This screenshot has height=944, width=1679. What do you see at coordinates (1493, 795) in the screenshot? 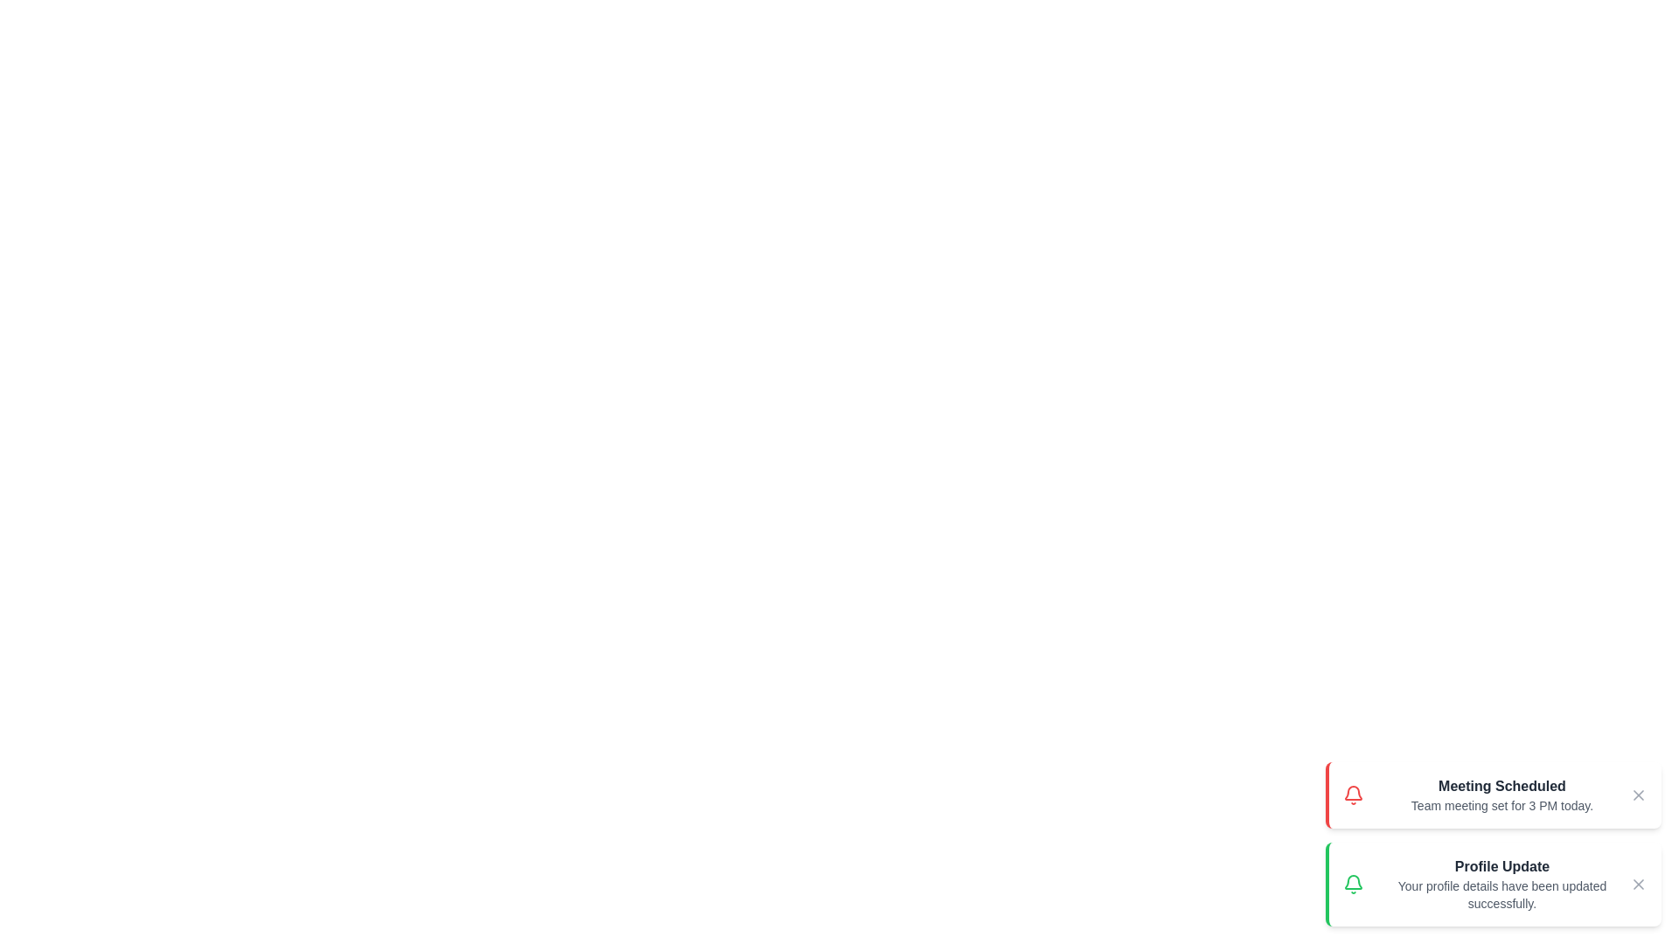
I see `the 'Meeting Scheduled' notification to observe the hover effect` at bounding box center [1493, 795].